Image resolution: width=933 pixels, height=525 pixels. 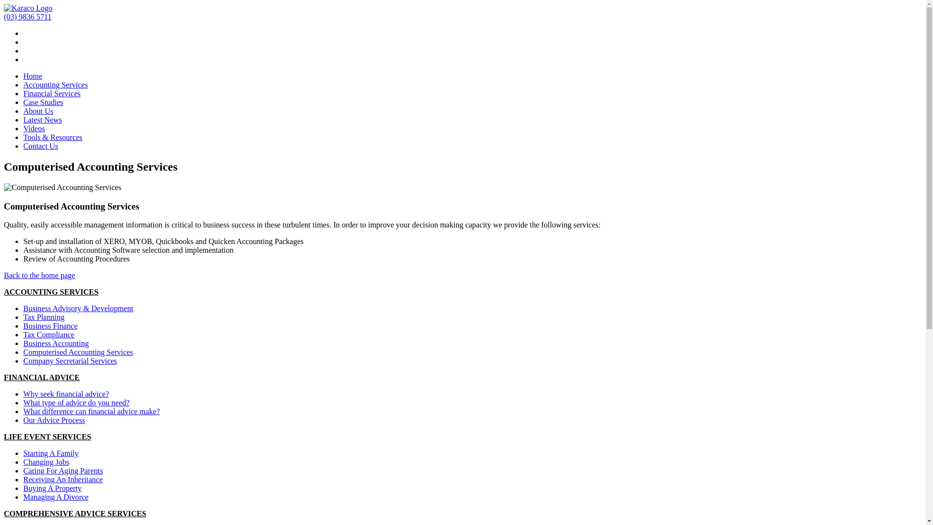 I want to click on 'Accounting Services', so click(x=55, y=84).